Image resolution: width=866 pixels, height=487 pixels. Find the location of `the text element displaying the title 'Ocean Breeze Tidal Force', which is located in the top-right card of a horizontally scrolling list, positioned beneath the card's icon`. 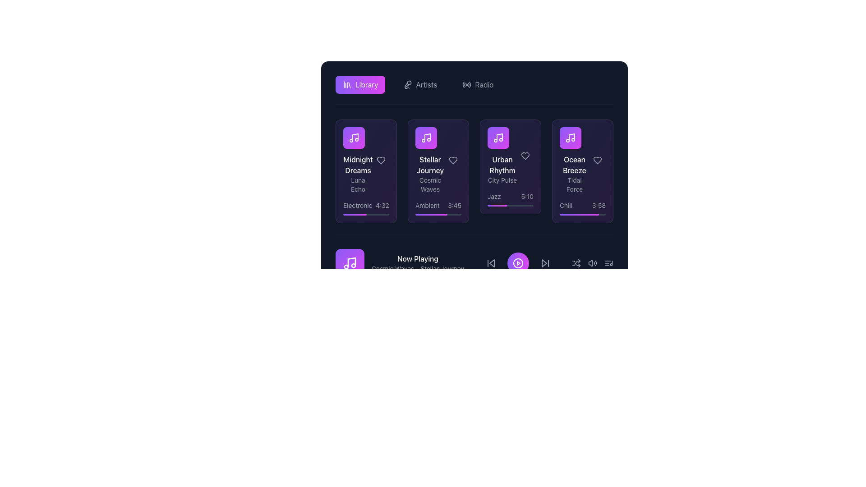

the text element displaying the title 'Ocean Breeze Tidal Force', which is located in the top-right card of a horizontally scrolling list, positioned beneath the card's icon is located at coordinates (582, 160).